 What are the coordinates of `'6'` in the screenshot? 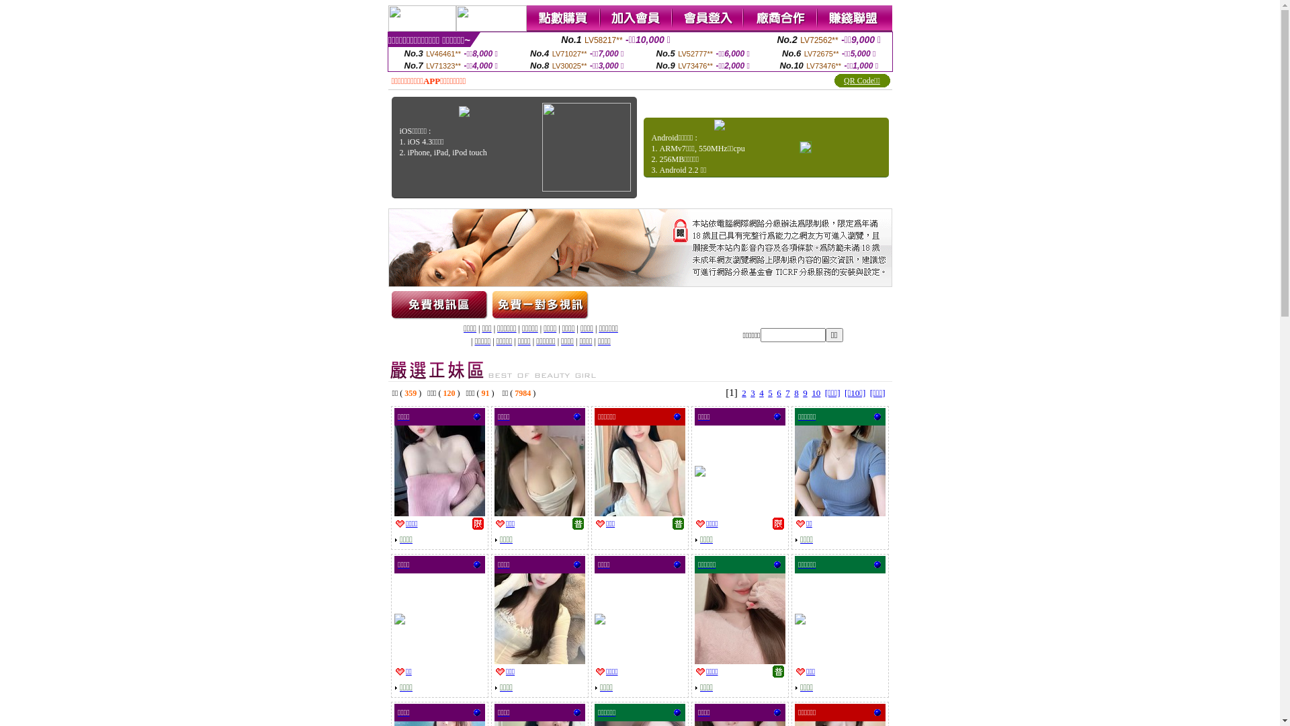 It's located at (779, 393).